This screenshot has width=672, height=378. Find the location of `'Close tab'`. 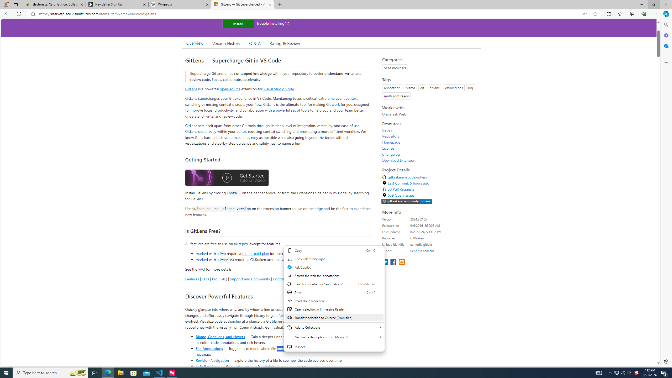

'Close tab' is located at coordinates (270, 4).